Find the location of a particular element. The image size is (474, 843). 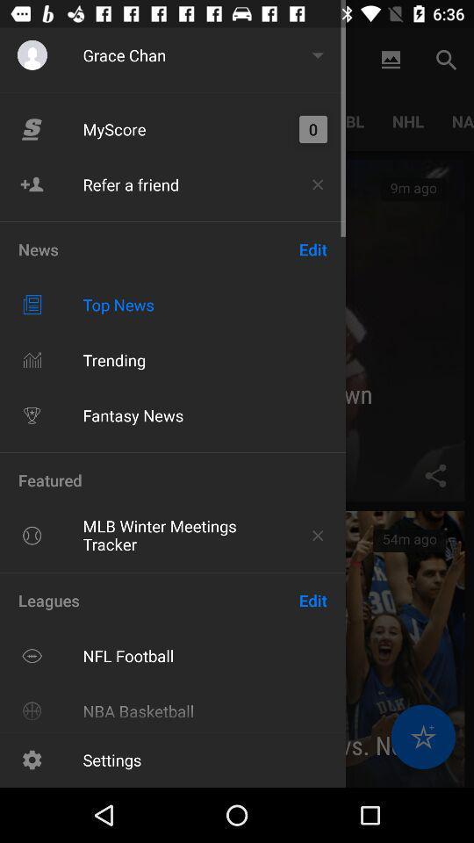

the logo on left to the button my score on the web page is located at coordinates (32, 128).